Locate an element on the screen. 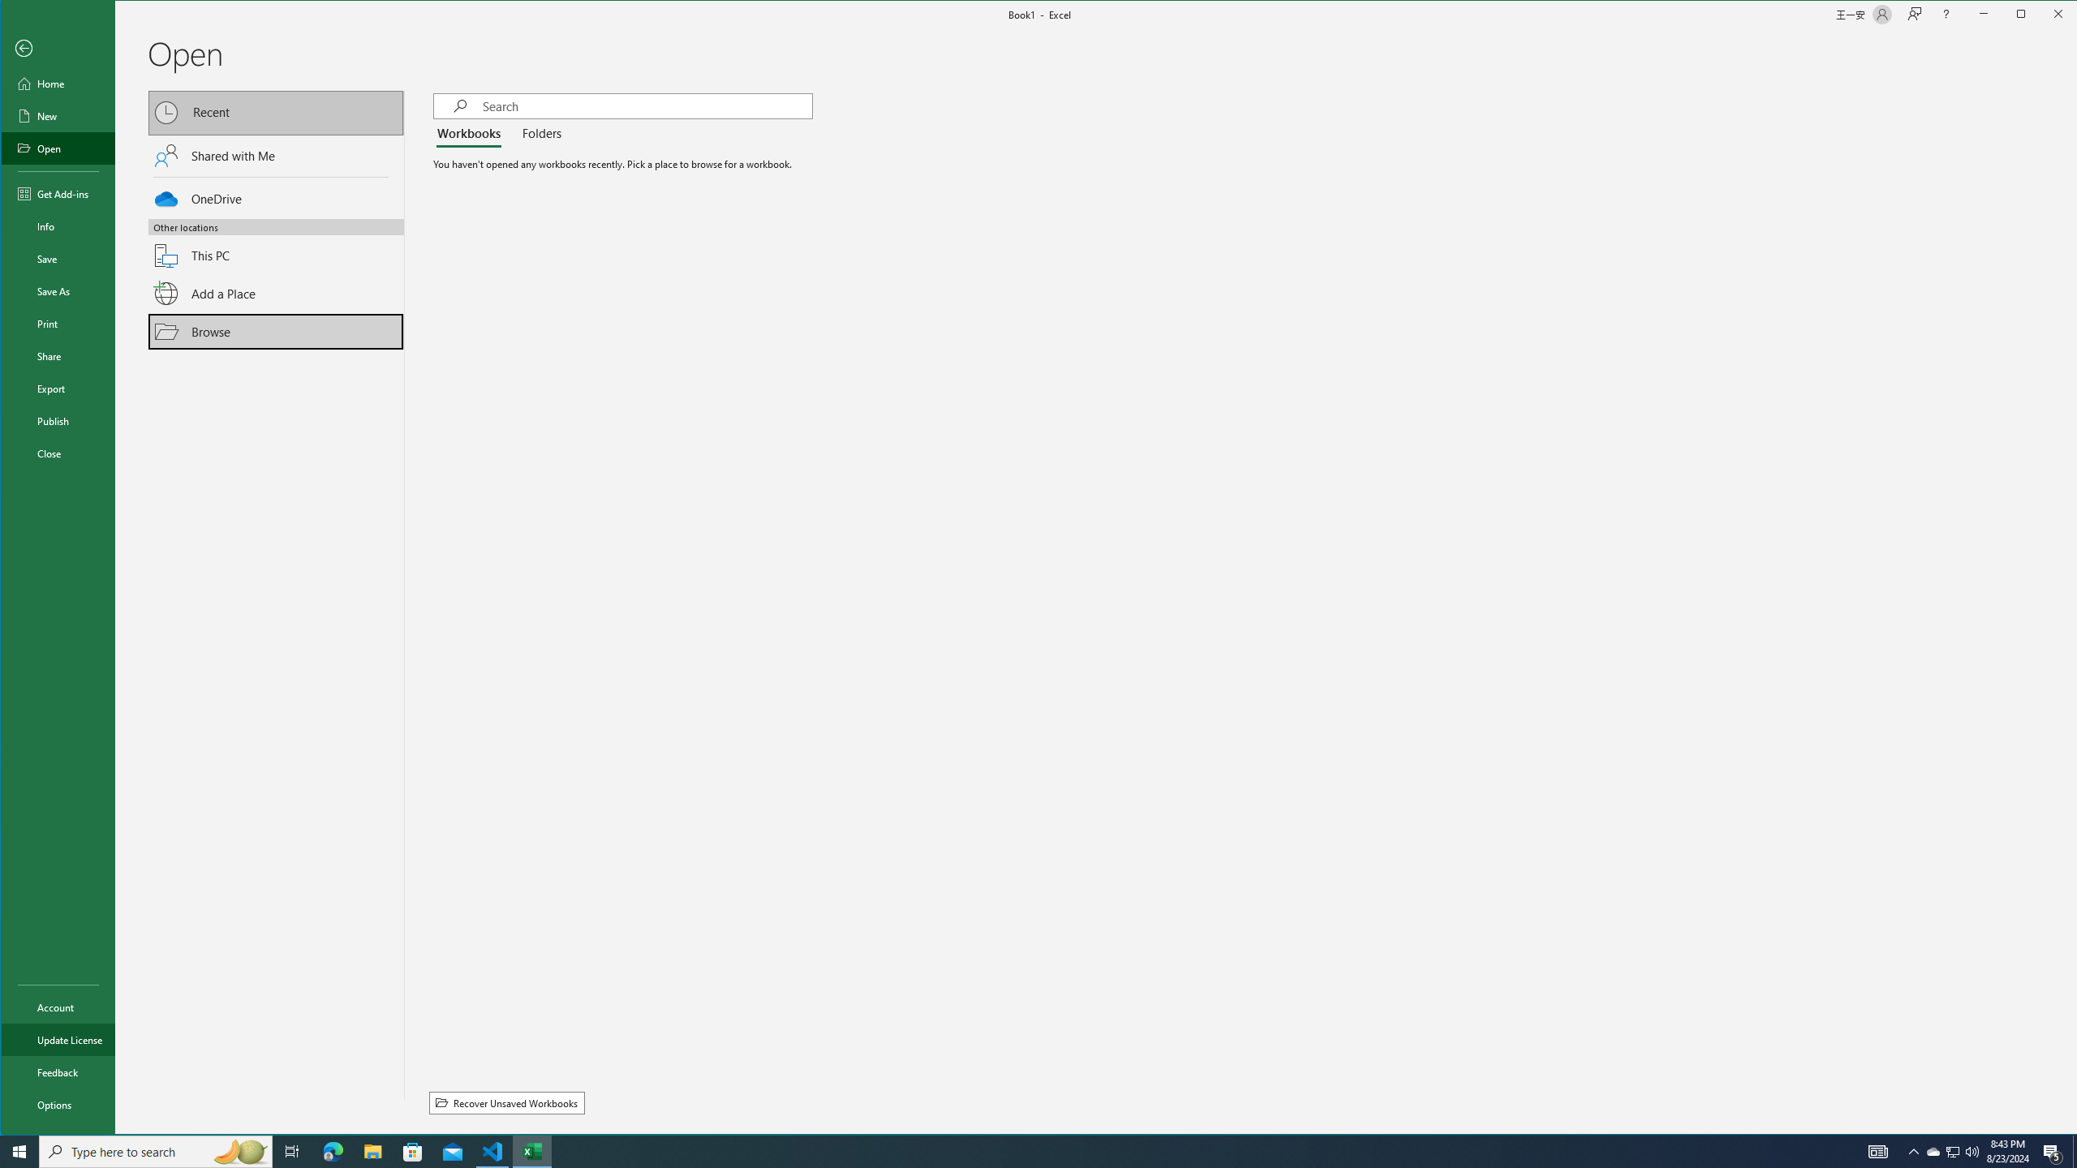 The width and height of the screenshot is (2077, 1168). 'Workbooks' is located at coordinates (472, 133).